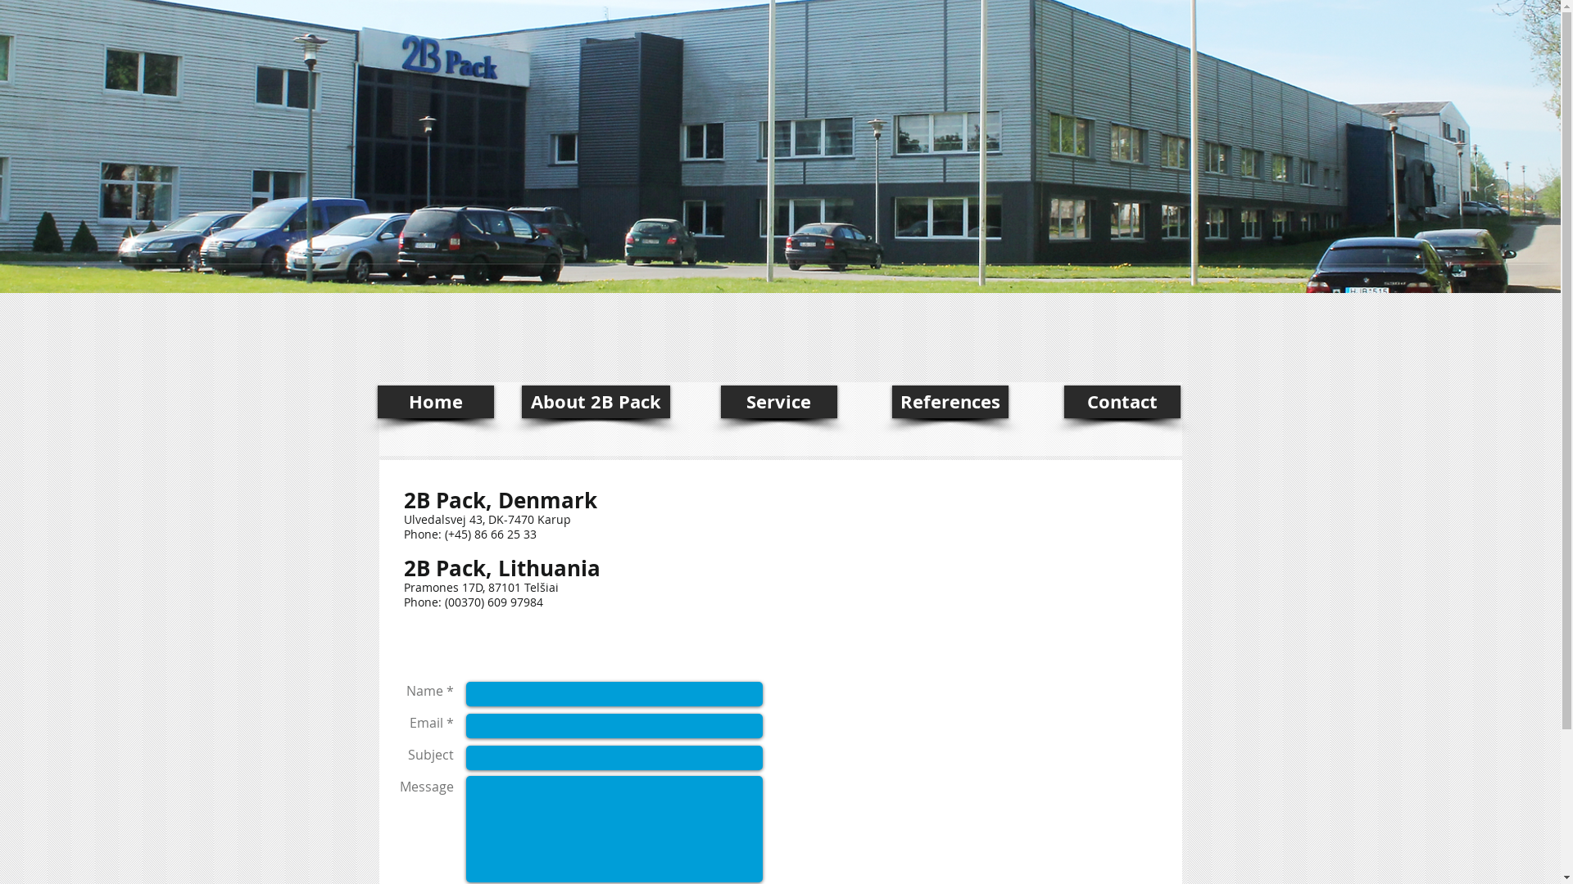  What do you see at coordinates (949, 401) in the screenshot?
I see `'References'` at bounding box center [949, 401].